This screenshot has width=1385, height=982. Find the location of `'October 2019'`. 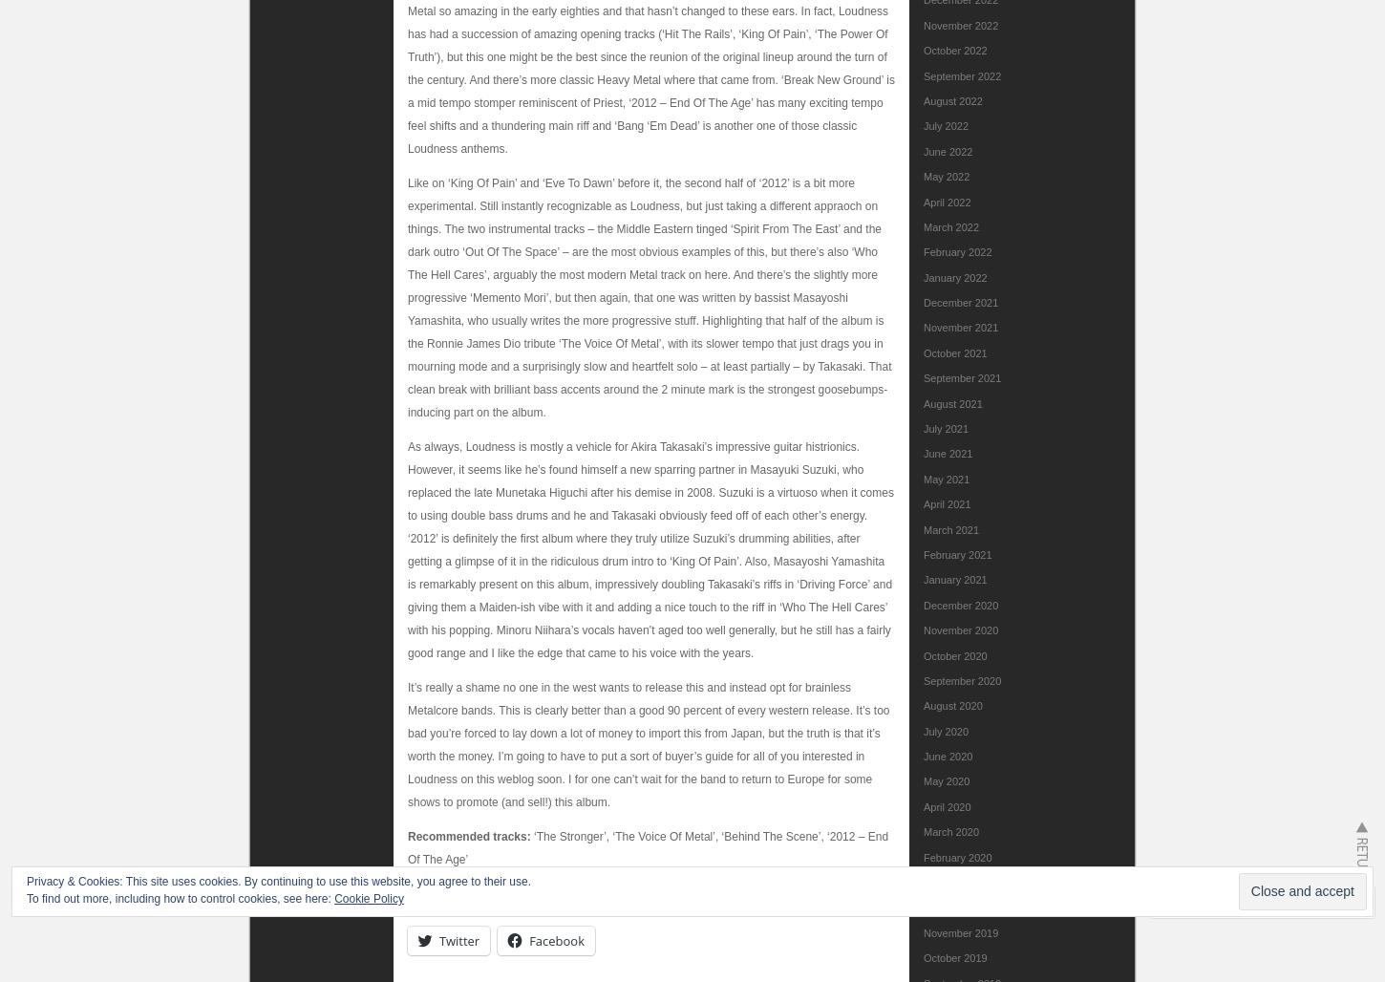

'October 2019' is located at coordinates (955, 957).